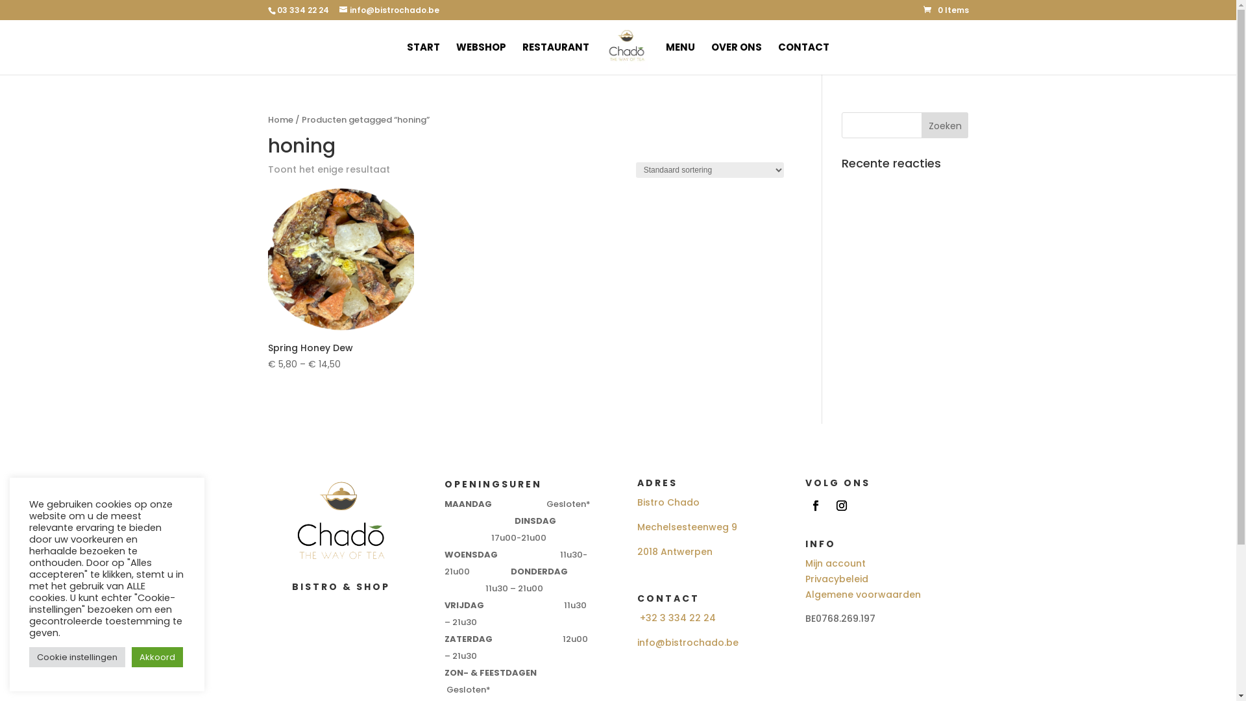  I want to click on 'Akkoord', so click(156, 657).